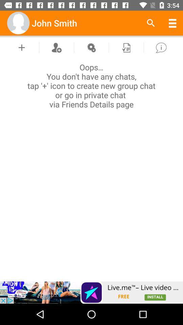 The height and width of the screenshot is (325, 183). What do you see at coordinates (161, 47) in the screenshot?
I see `information box` at bounding box center [161, 47].